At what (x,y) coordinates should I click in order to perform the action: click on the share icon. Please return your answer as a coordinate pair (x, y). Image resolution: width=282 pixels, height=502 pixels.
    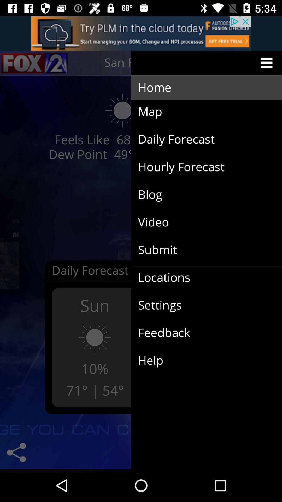
    Looking at the image, I should click on (16, 452).